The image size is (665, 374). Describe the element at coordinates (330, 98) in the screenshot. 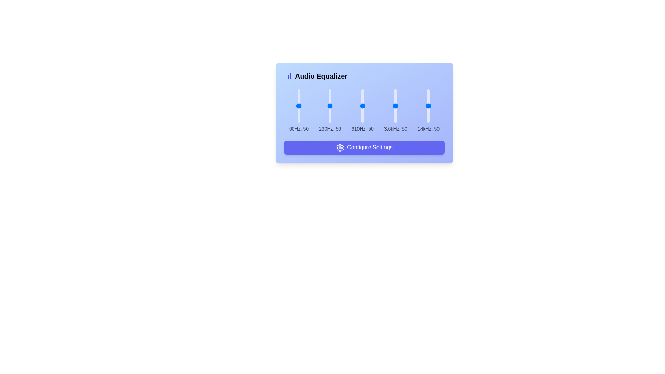

I see `the 230Hz slider value` at that location.